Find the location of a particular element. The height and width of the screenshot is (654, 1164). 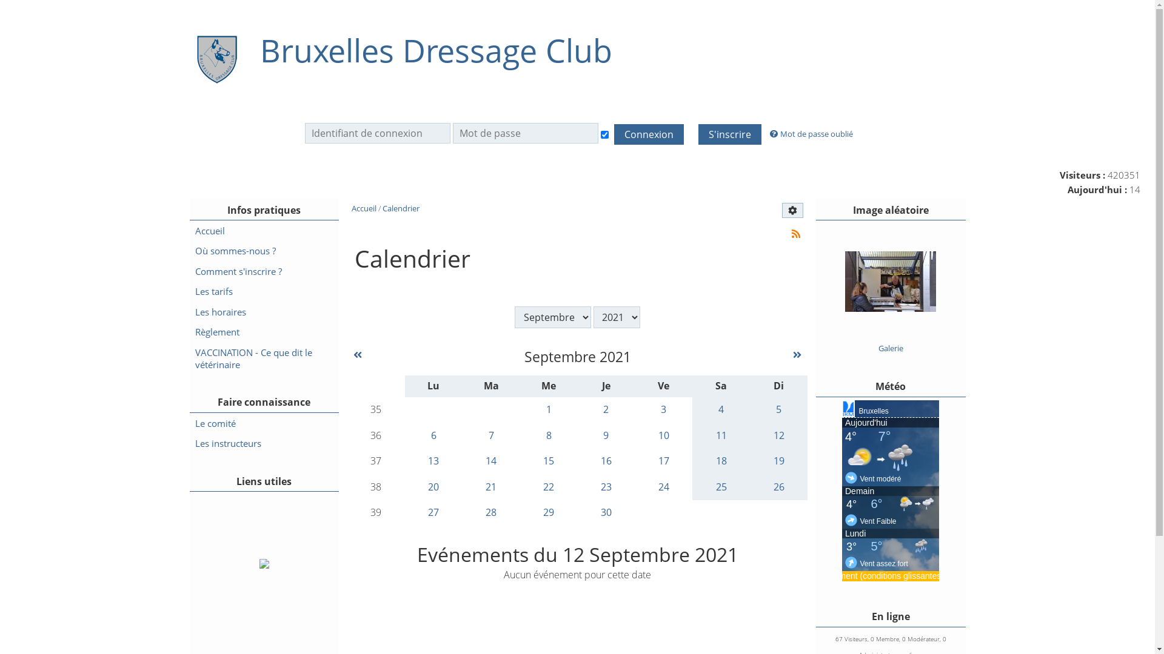

'13' is located at coordinates (433, 461).